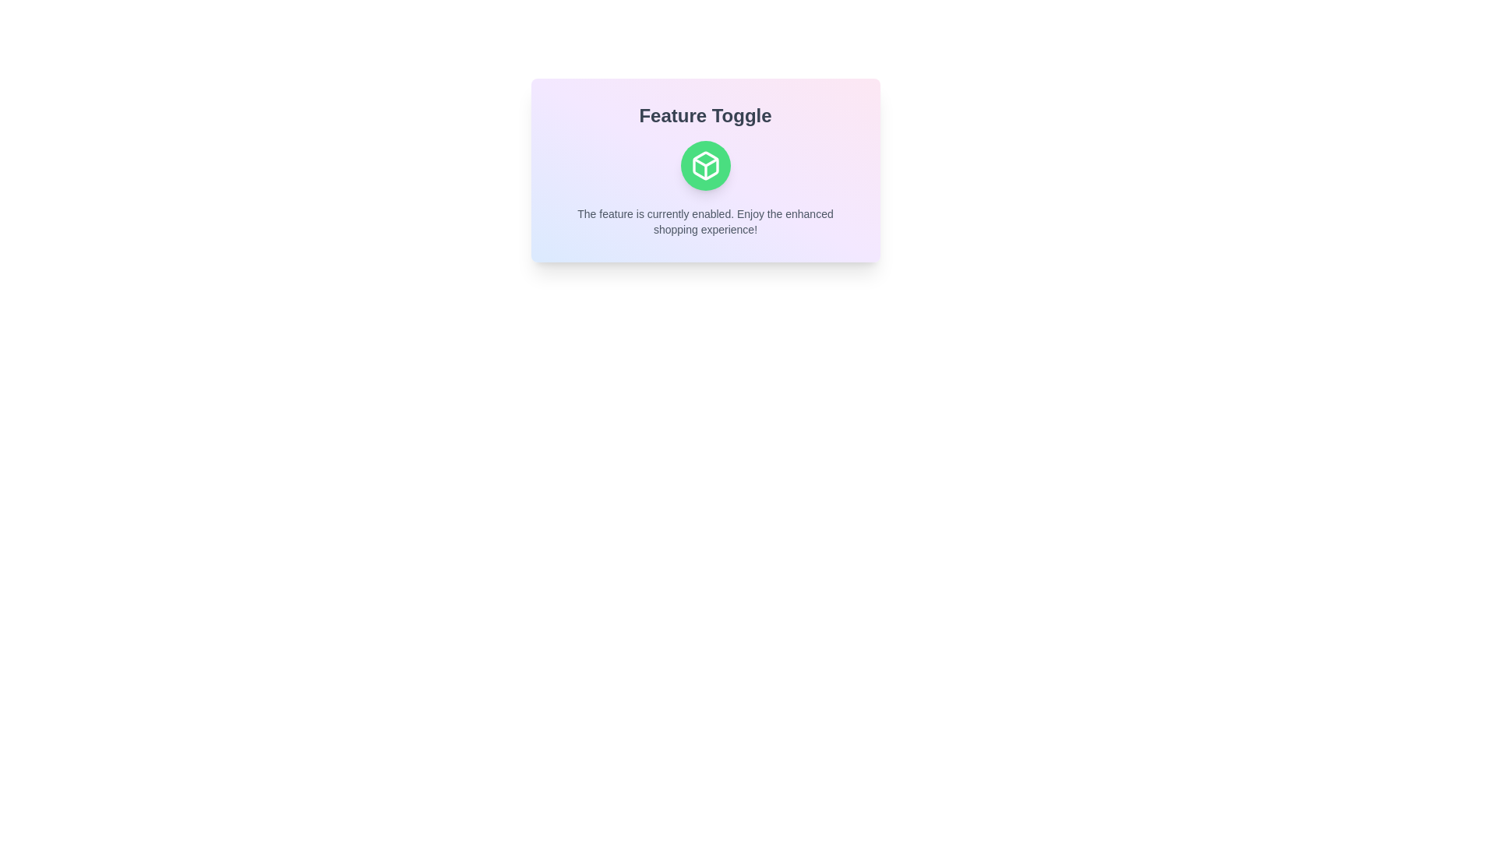  Describe the element at coordinates (704, 222) in the screenshot. I see `the text display area that conveys status messages, located beneath the green icon within the rounded rectangle card labeled 'Feature Toggle.'` at that location.